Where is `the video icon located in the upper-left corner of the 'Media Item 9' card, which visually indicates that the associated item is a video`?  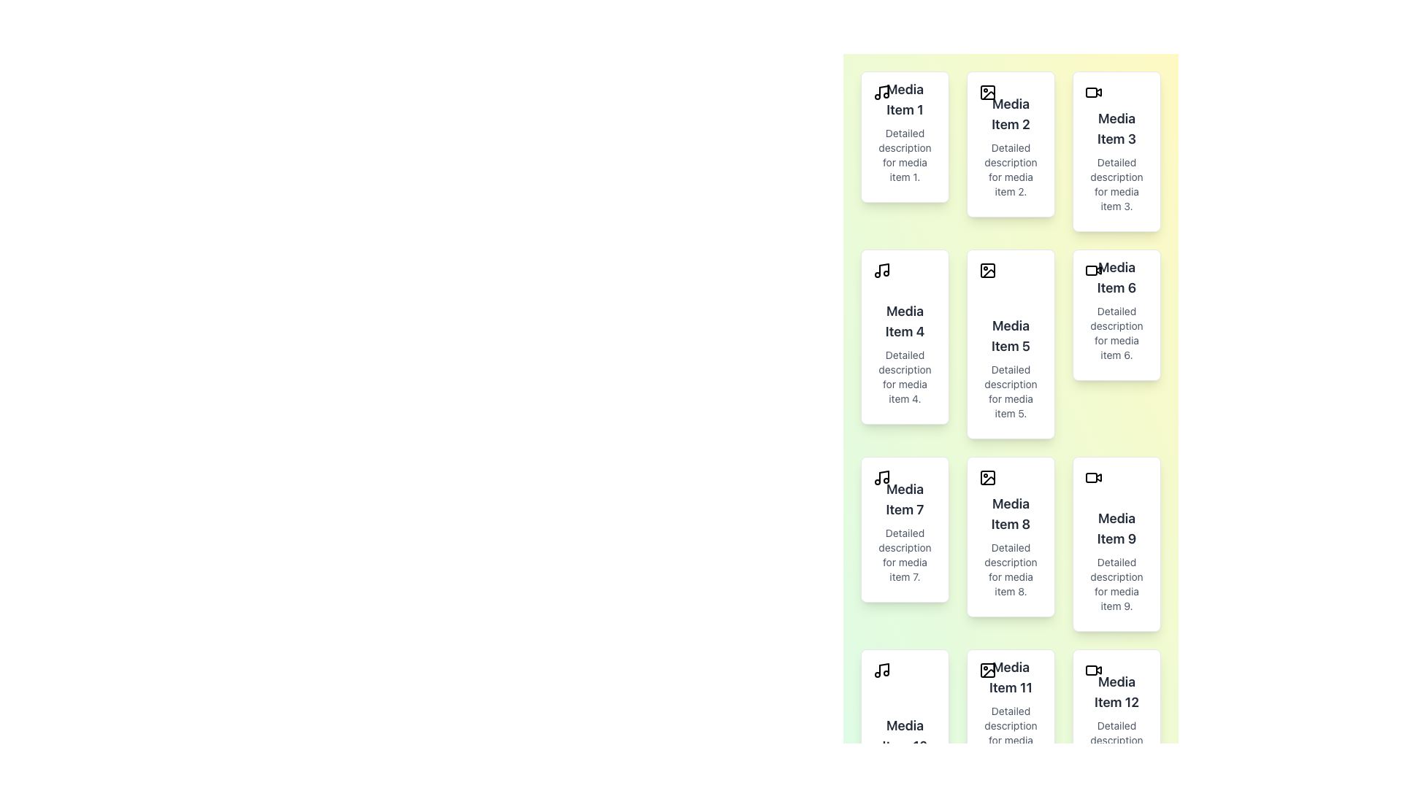
the video icon located in the upper-left corner of the 'Media Item 9' card, which visually indicates that the associated item is a video is located at coordinates (1093, 478).